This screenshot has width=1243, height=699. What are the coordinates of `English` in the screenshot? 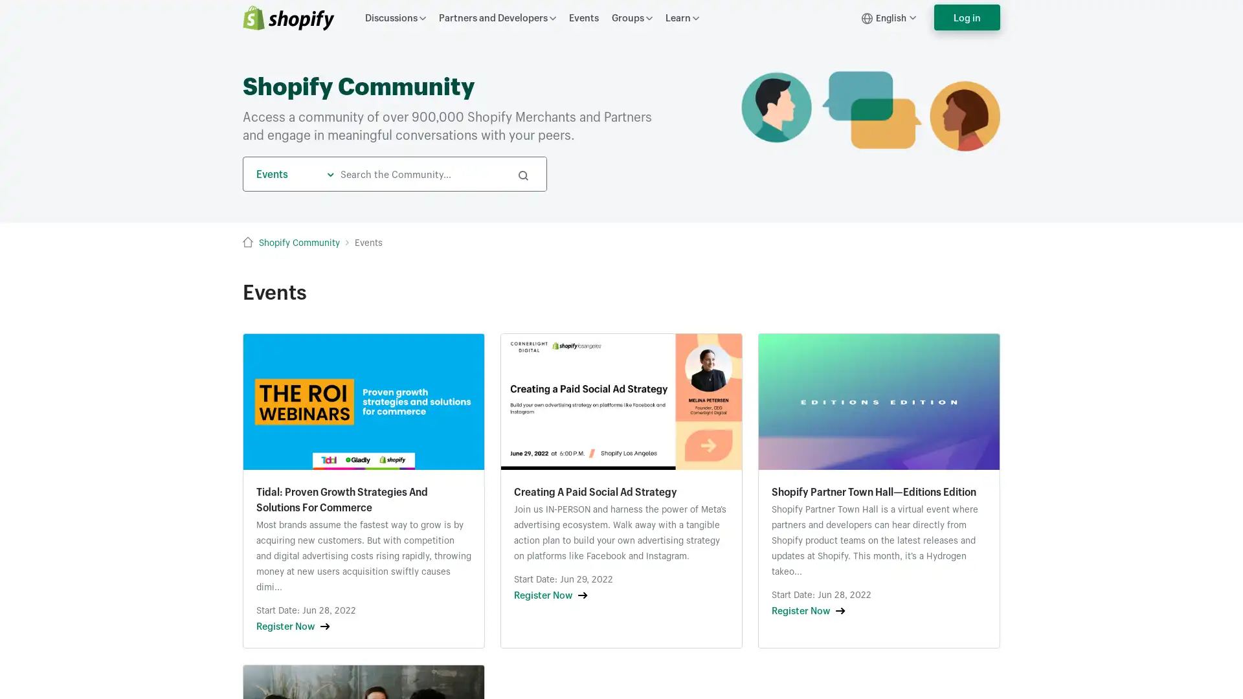 It's located at (888, 17).